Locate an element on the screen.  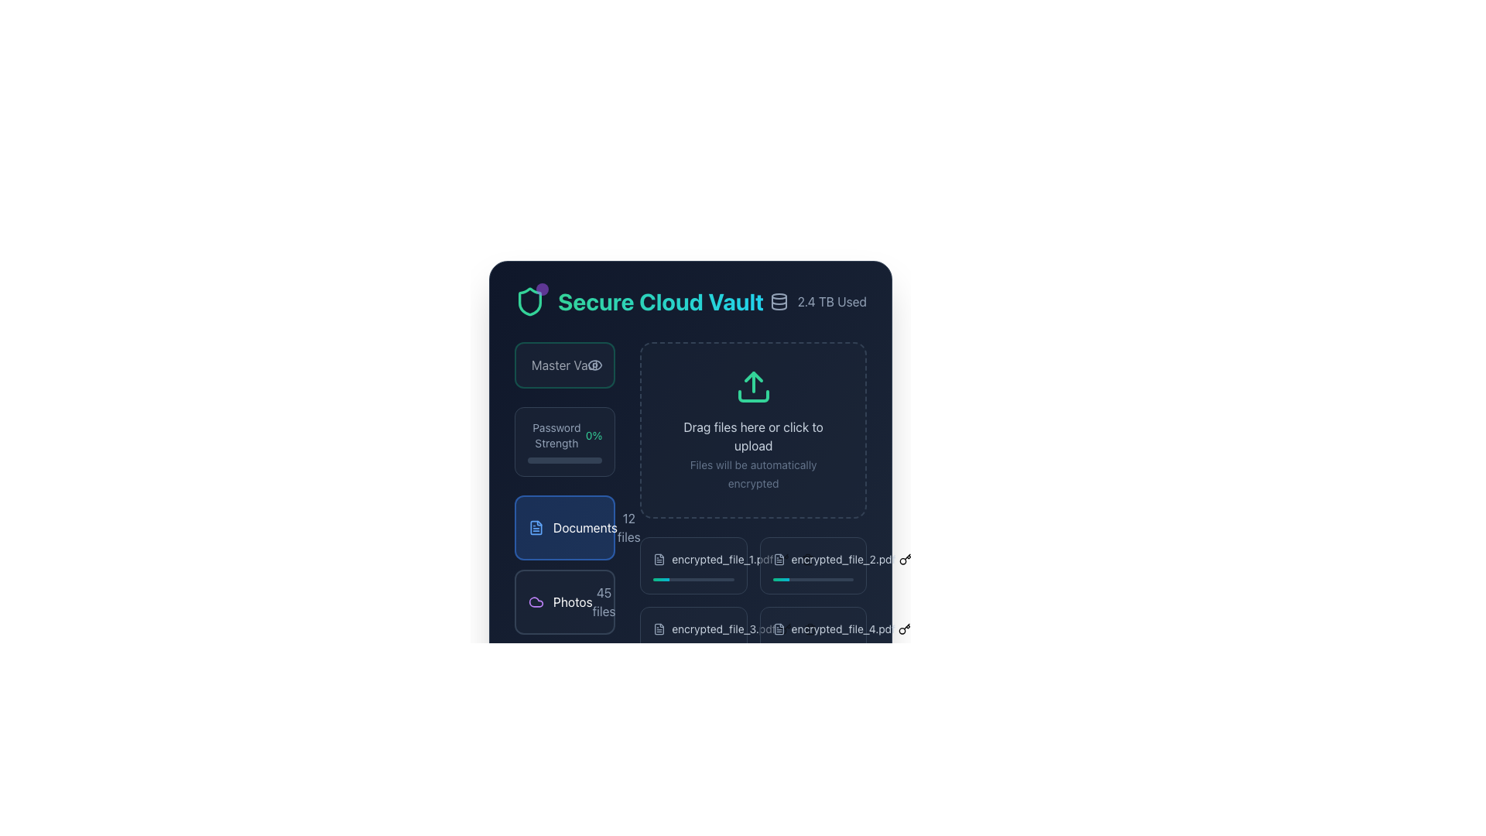
the text label displaying 'encrypted_file_2.pdf' which is styled in muted slate gray and positioned to the right of a file icon in the 'Documents' section is located at coordinates (843, 559).